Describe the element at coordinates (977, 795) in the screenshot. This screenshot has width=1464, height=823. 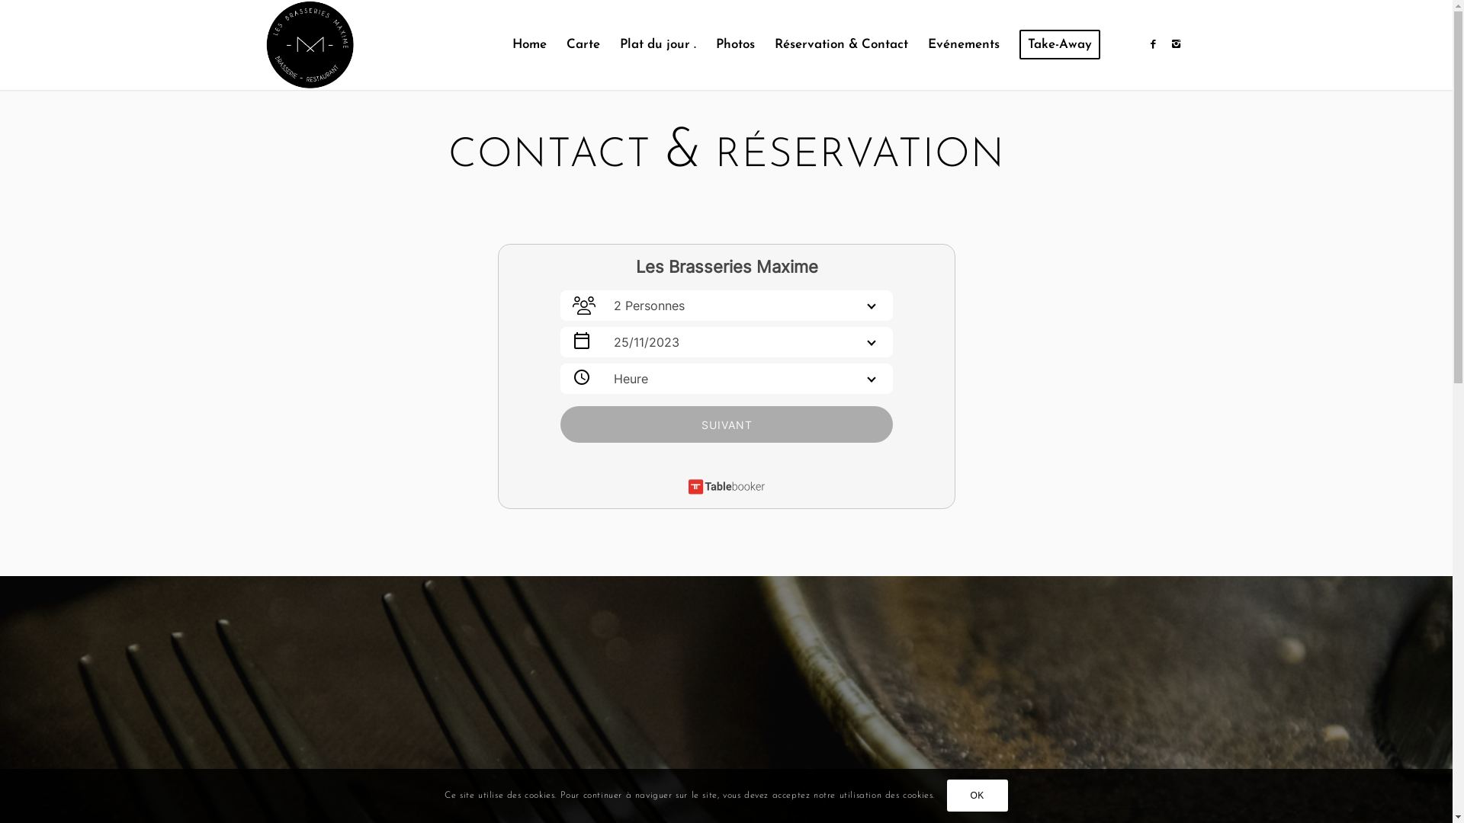
I see `'OK'` at that location.